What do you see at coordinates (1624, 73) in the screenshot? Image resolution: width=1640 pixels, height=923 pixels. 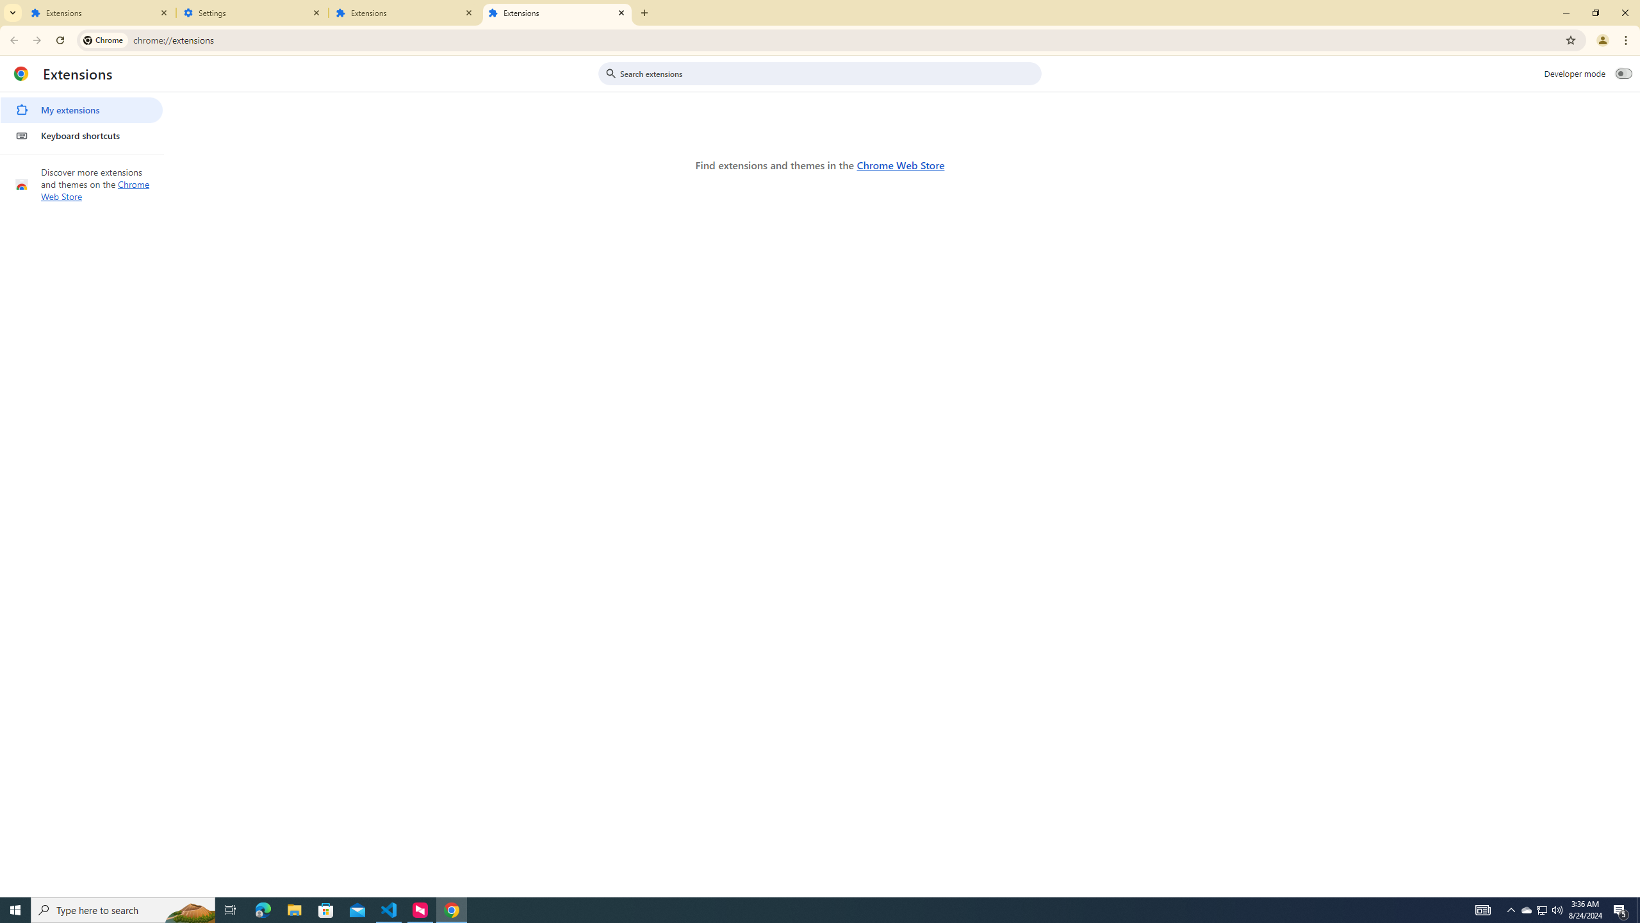 I see `'Developer mode'` at bounding box center [1624, 73].